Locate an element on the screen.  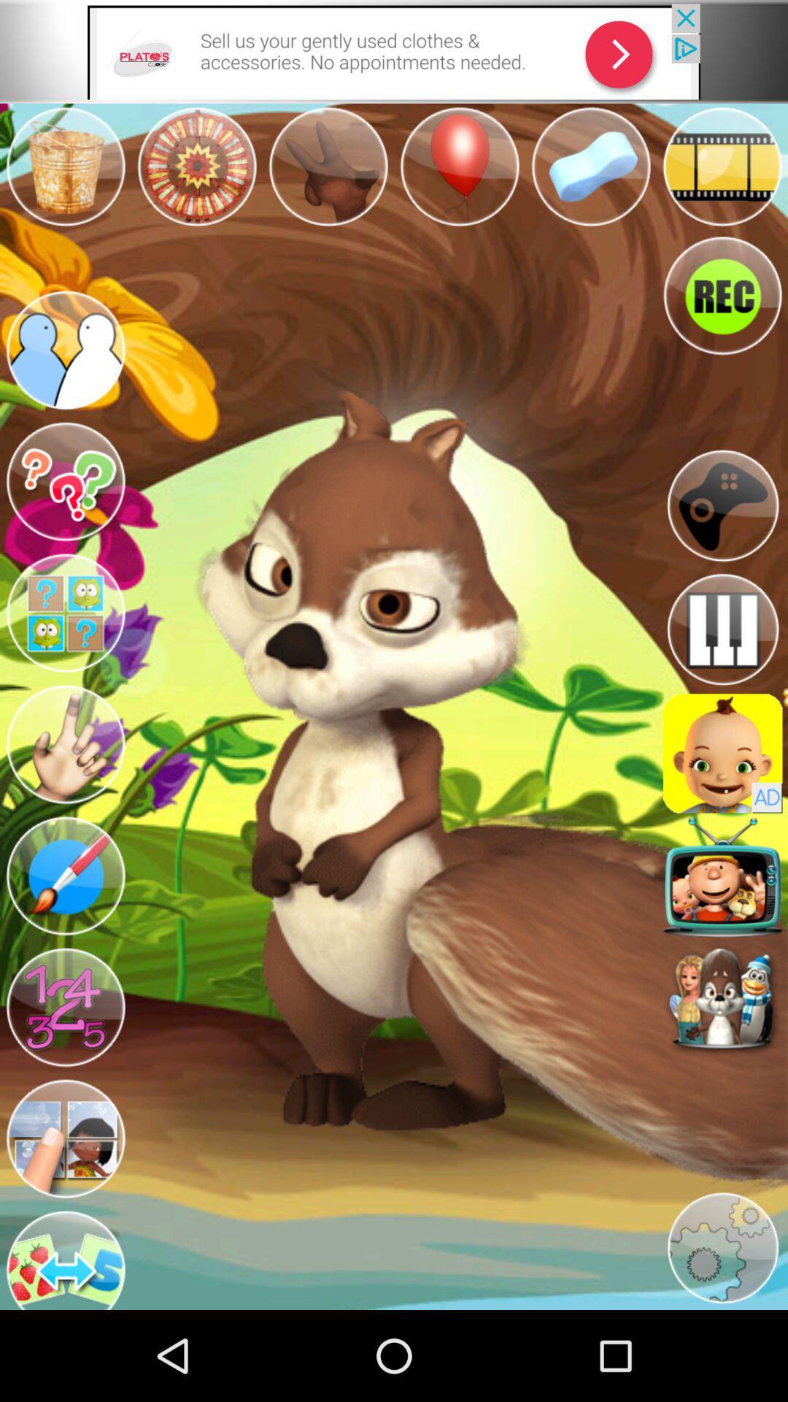
activate paint brush icon is located at coordinates (64, 876).